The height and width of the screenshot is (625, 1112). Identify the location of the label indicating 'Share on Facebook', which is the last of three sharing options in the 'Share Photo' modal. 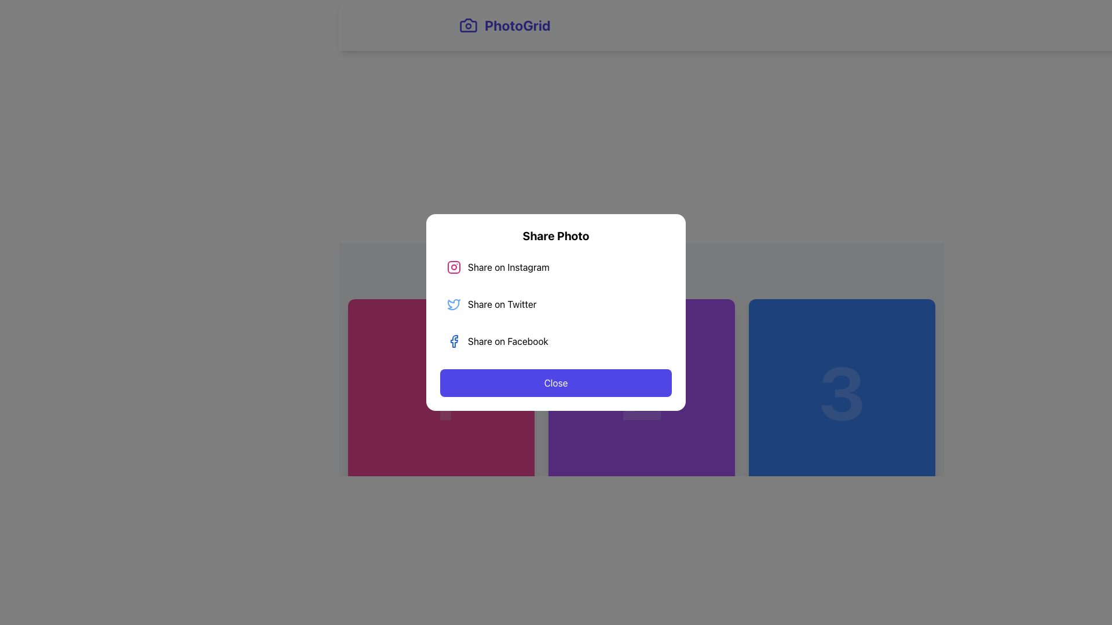
(508, 341).